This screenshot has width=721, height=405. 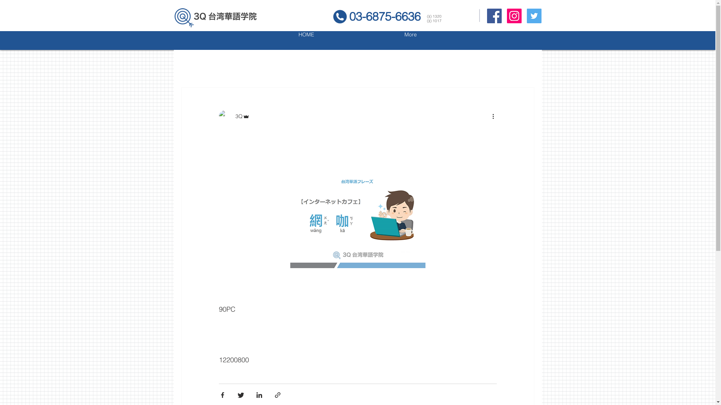 I want to click on 'HOME', so click(x=306, y=40).